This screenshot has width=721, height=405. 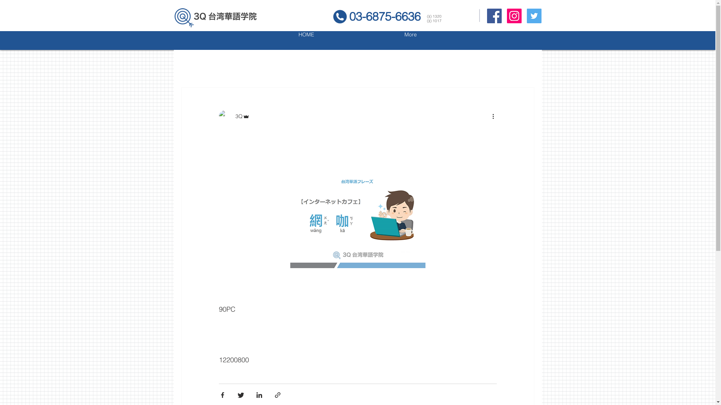 I want to click on 'HOME', so click(x=306, y=40).